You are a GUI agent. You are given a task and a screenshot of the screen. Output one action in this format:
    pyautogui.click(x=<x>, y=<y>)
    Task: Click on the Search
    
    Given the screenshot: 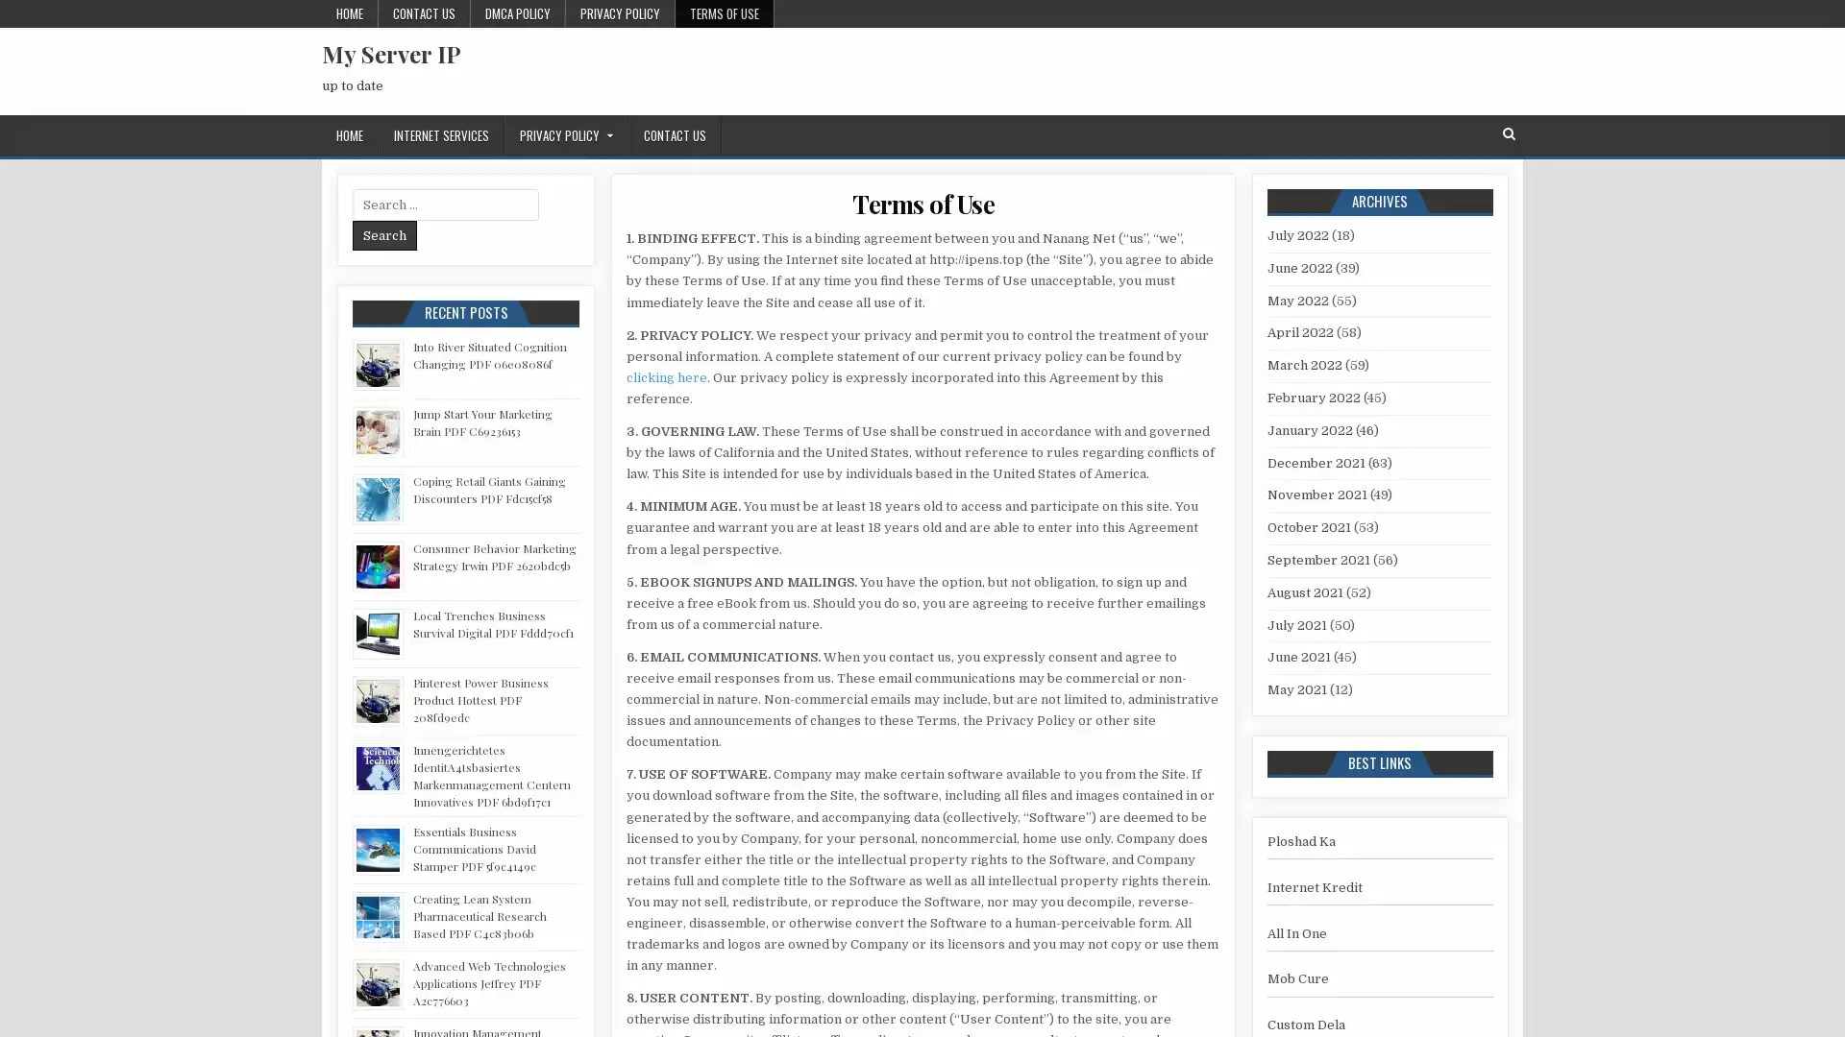 What is the action you would take?
    pyautogui.click(x=384, y=234)
    